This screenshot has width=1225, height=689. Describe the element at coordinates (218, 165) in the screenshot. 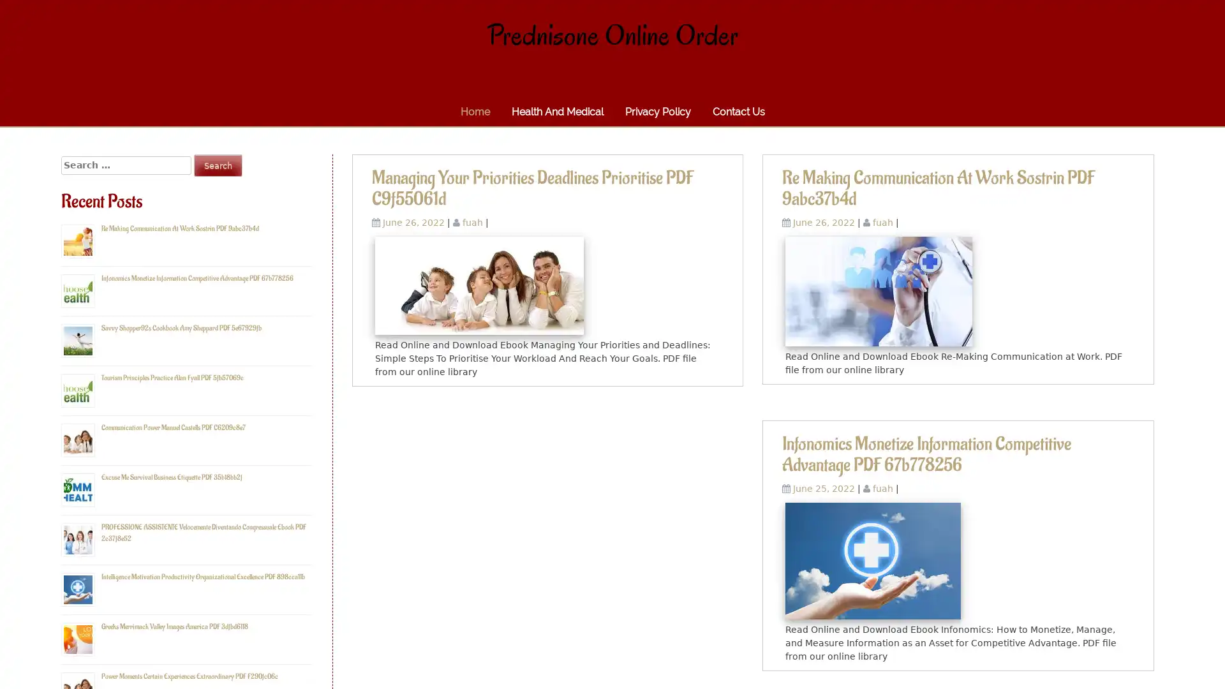

I see `Search` at that location.